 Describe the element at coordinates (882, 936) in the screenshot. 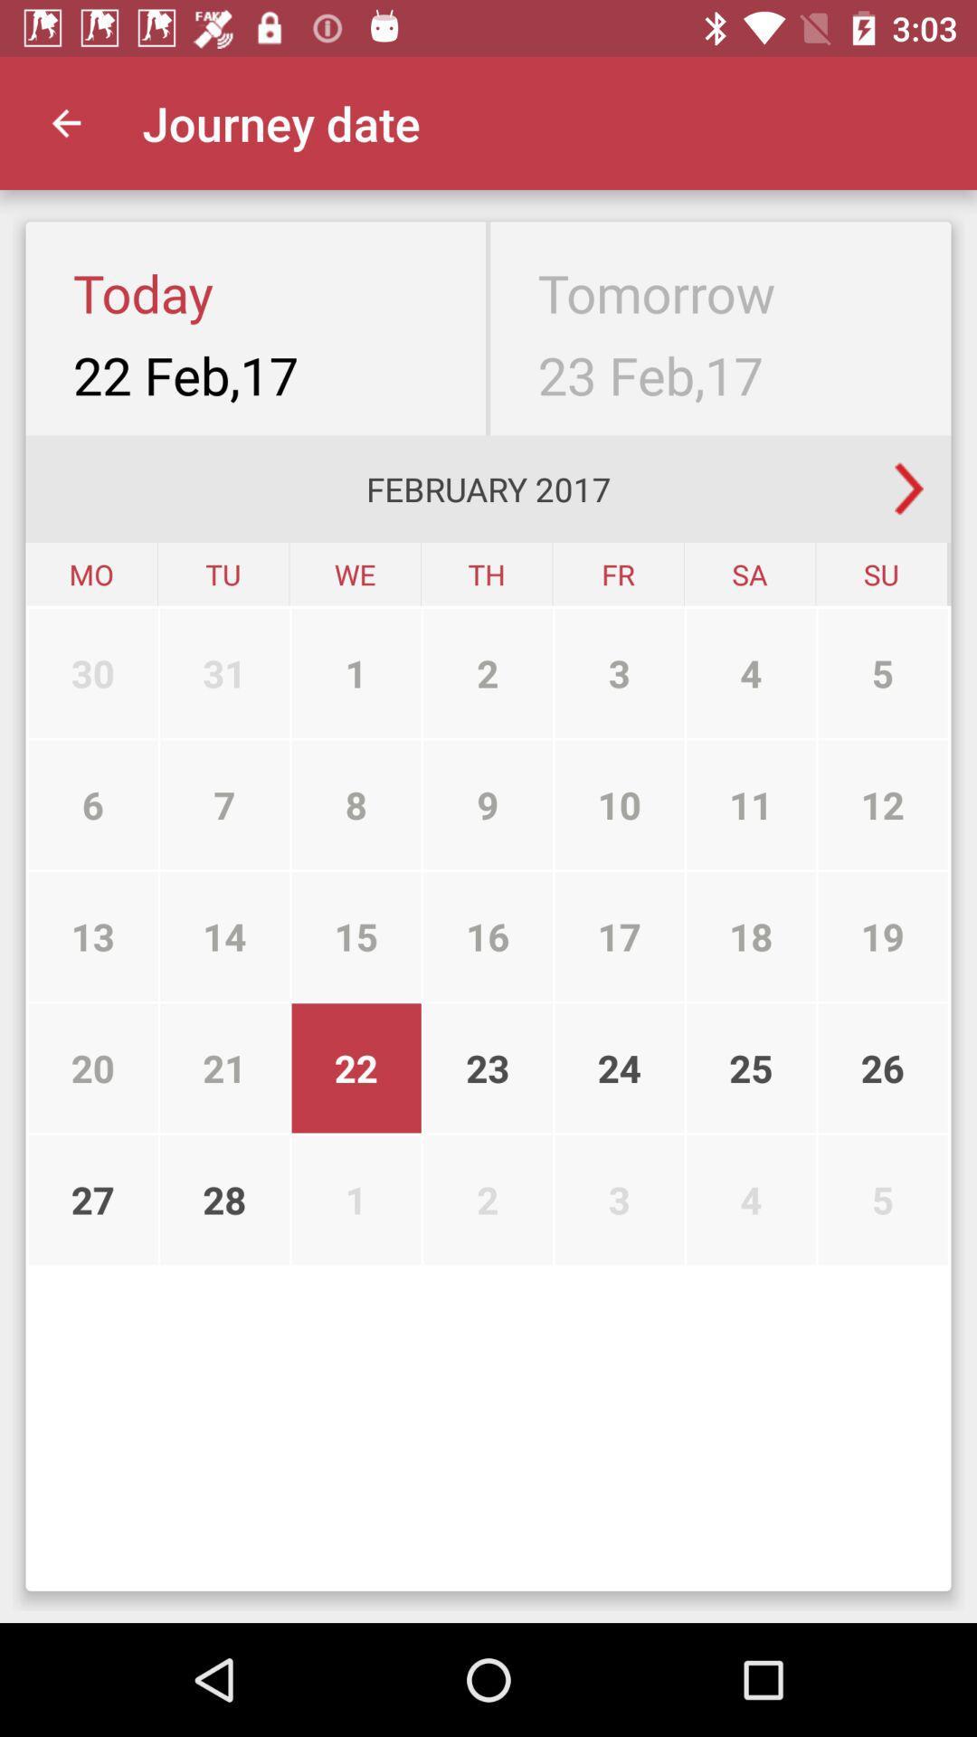

I see `the 19 item` at that location.